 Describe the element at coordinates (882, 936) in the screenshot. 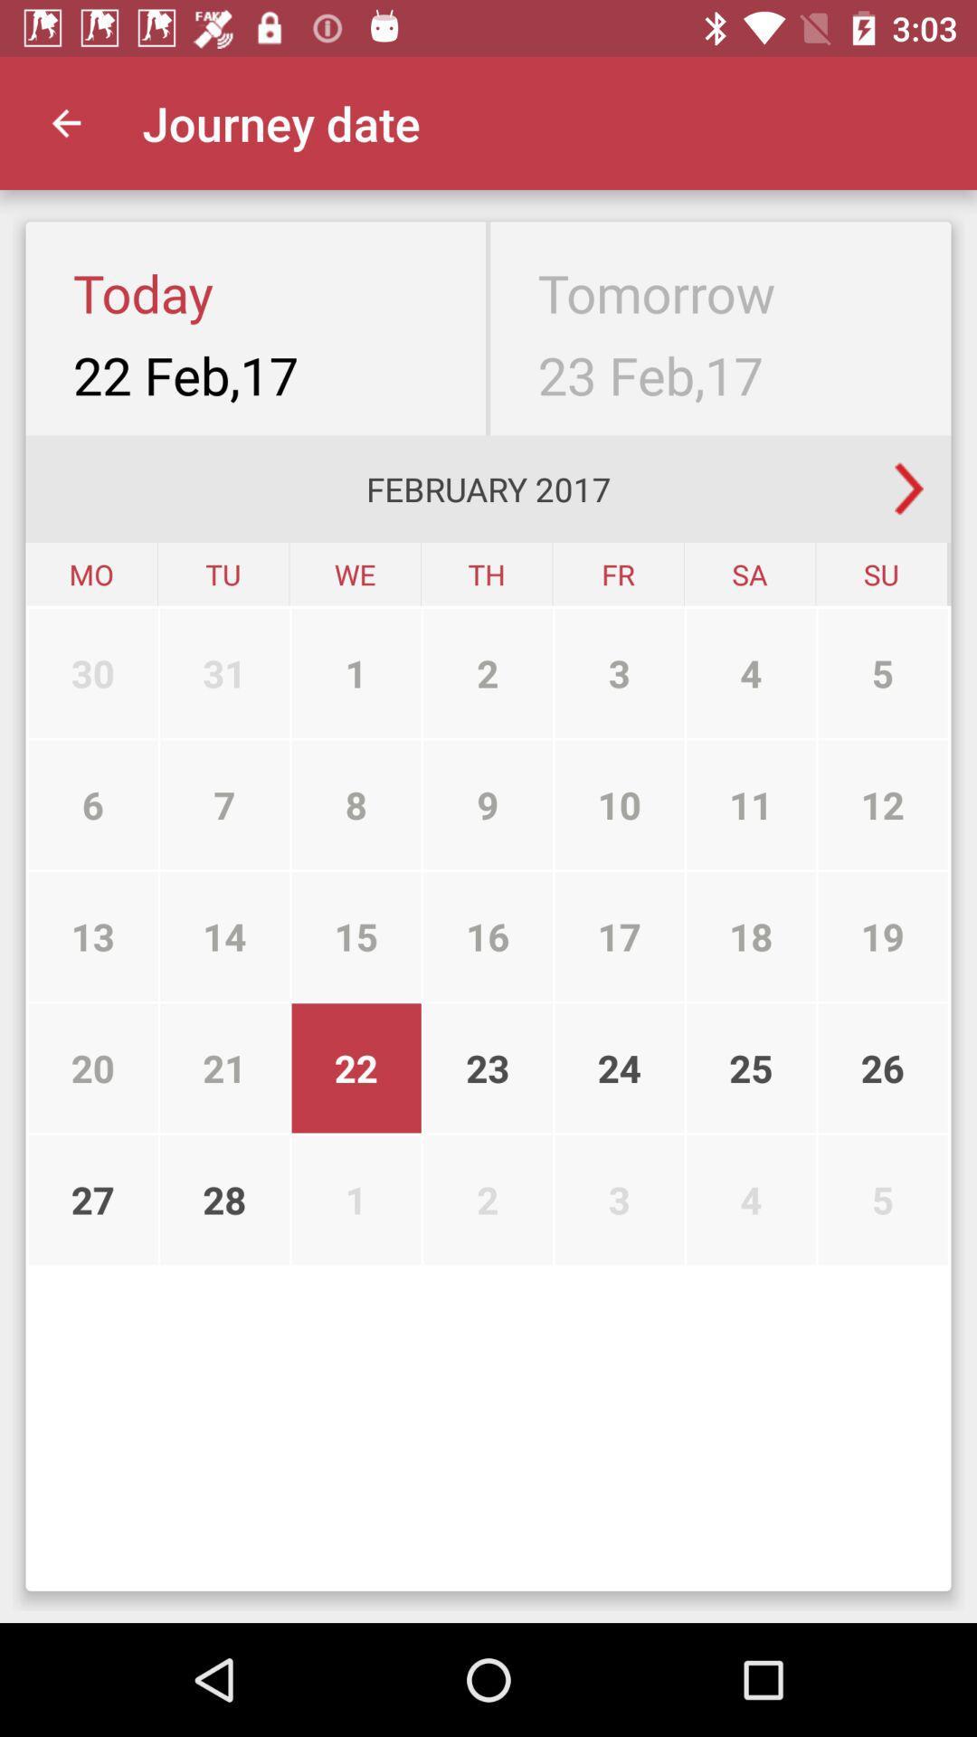

I see `the 19 item` at that location.